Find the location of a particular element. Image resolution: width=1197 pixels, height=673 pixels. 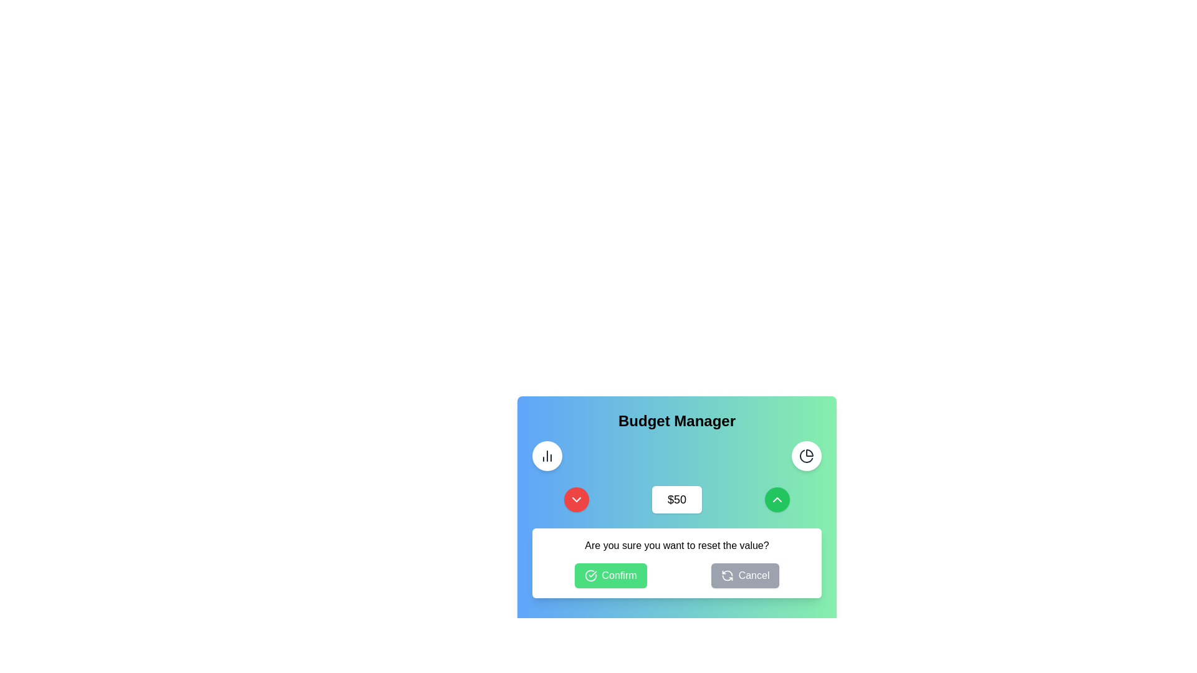

the pie chart icon located beneath the 'Budget Manager' title is located at coordinates (807, 456).